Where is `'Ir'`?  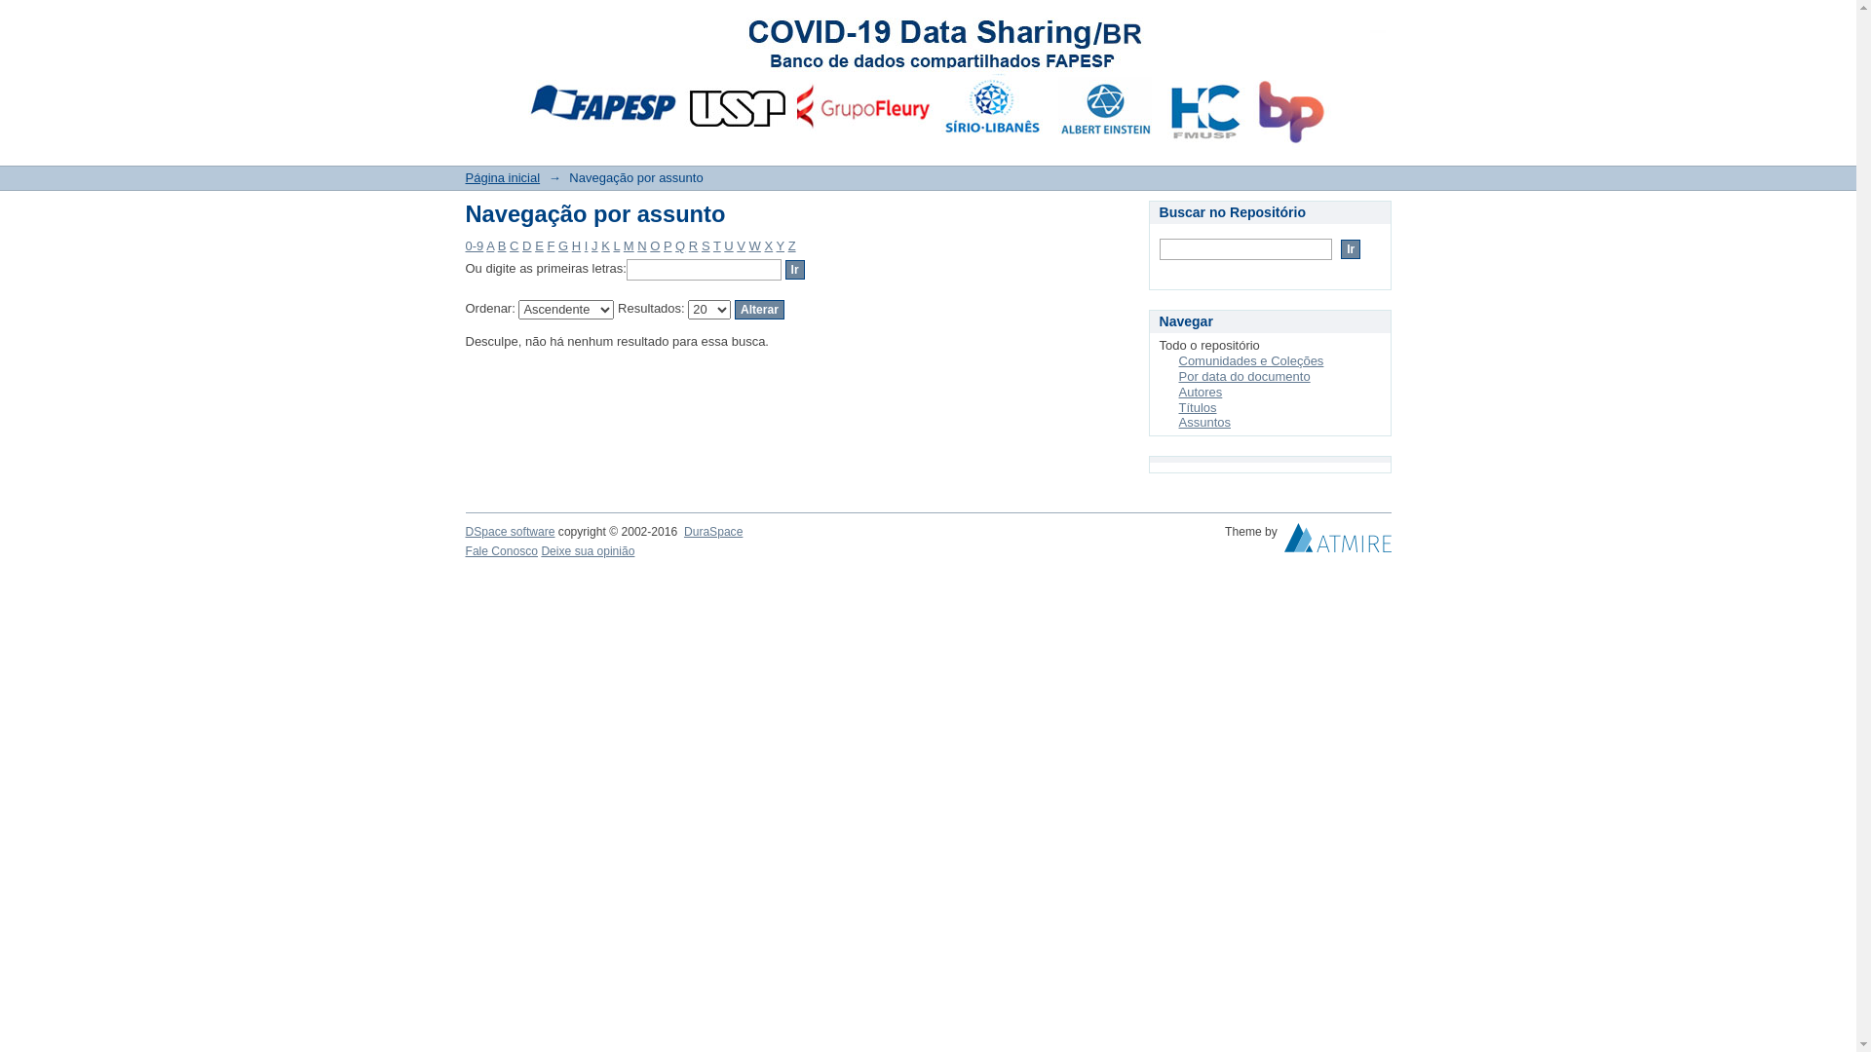
'Ir' is located at coordinates (1350, 247).